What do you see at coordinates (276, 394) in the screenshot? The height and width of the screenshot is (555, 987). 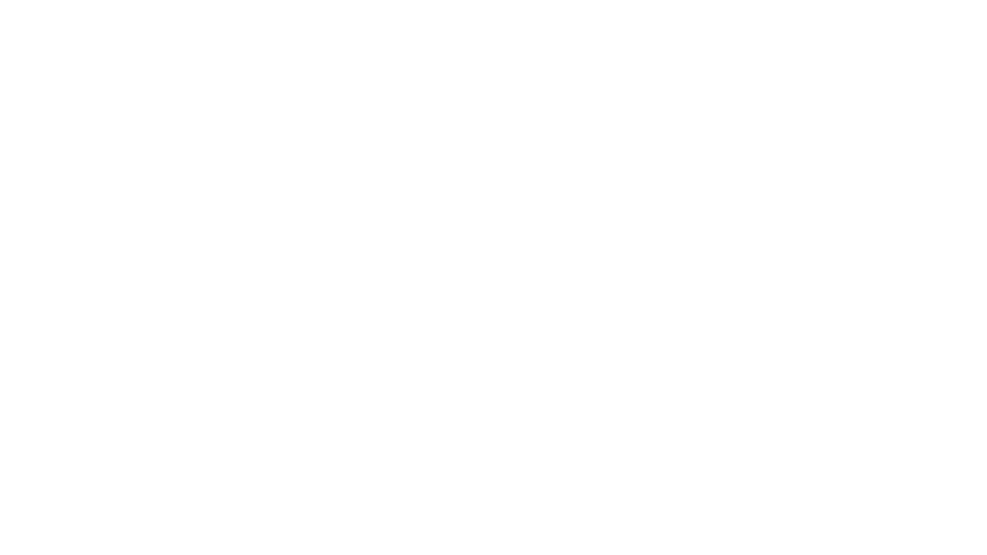 I see `Neste` at bounding box center [276, 394].